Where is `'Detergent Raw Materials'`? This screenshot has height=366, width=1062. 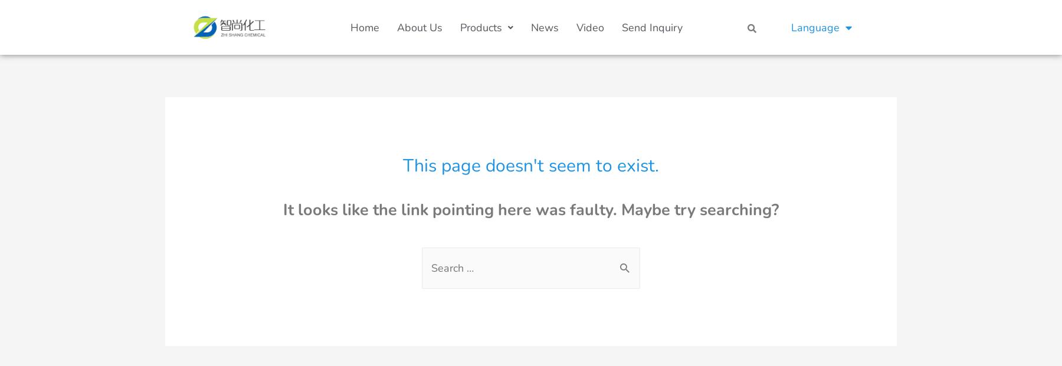 'Detergent Raw Materials' is located at coordinates (640, 308).